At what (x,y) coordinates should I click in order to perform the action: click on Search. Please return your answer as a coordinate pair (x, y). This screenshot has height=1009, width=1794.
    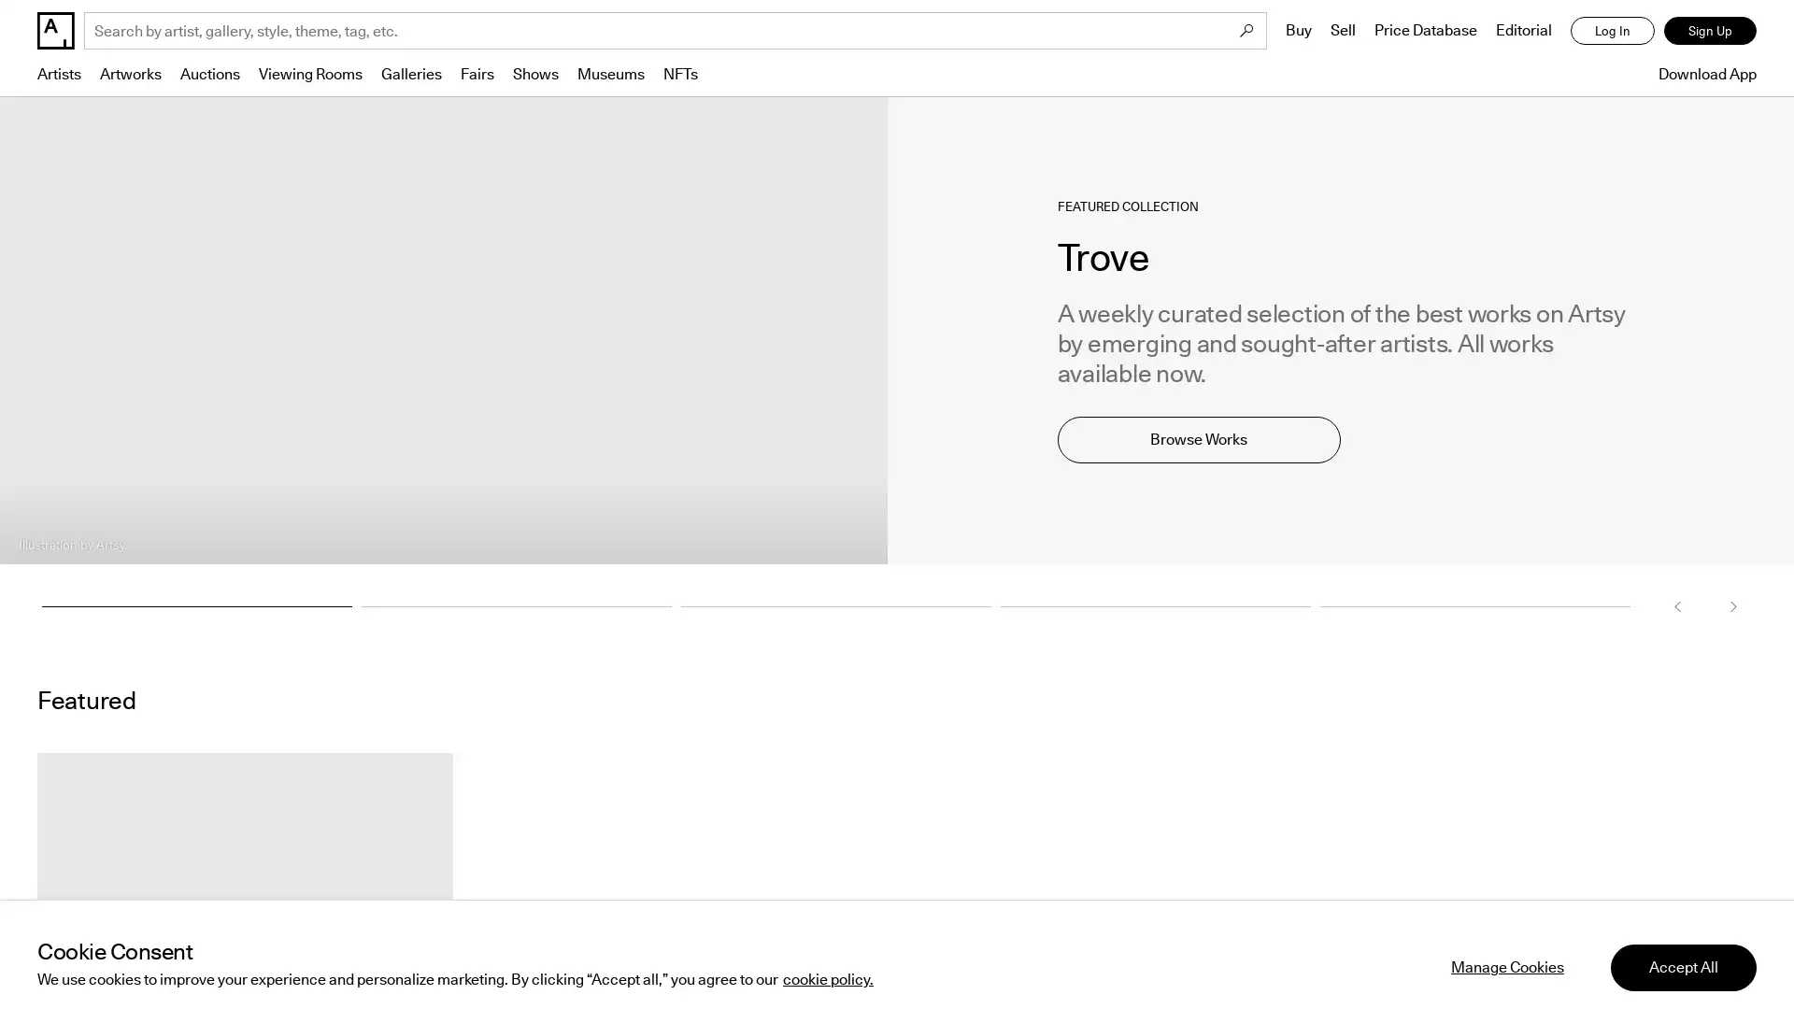
    Looking at the image, I should click on (1246, 31).